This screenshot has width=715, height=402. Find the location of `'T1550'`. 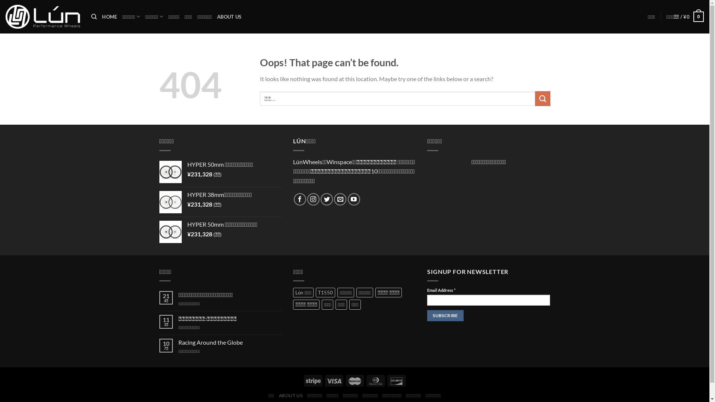

'T1550' is located at coordinates (325, 292).